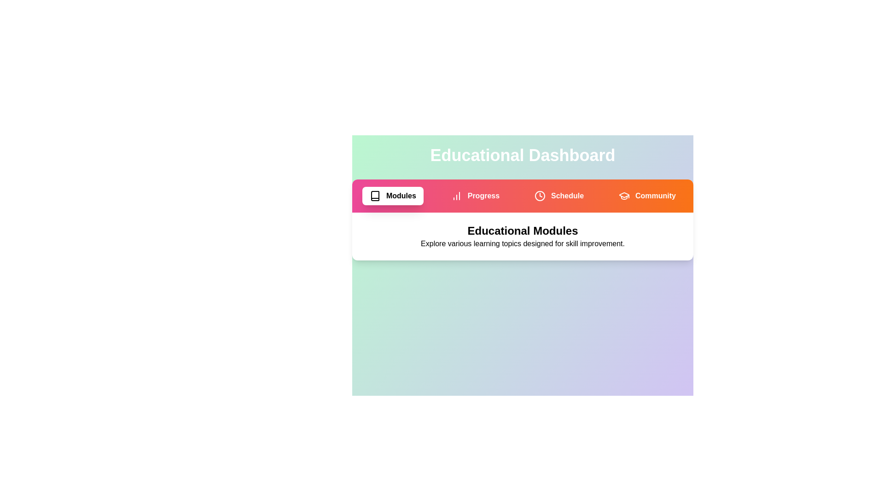 This screenshot has height=497, width=884. I want to click on the 'Modules' icon located in the top-left corner of the menu bar, which assists in navigation to the Modules section, so click(375, 195).